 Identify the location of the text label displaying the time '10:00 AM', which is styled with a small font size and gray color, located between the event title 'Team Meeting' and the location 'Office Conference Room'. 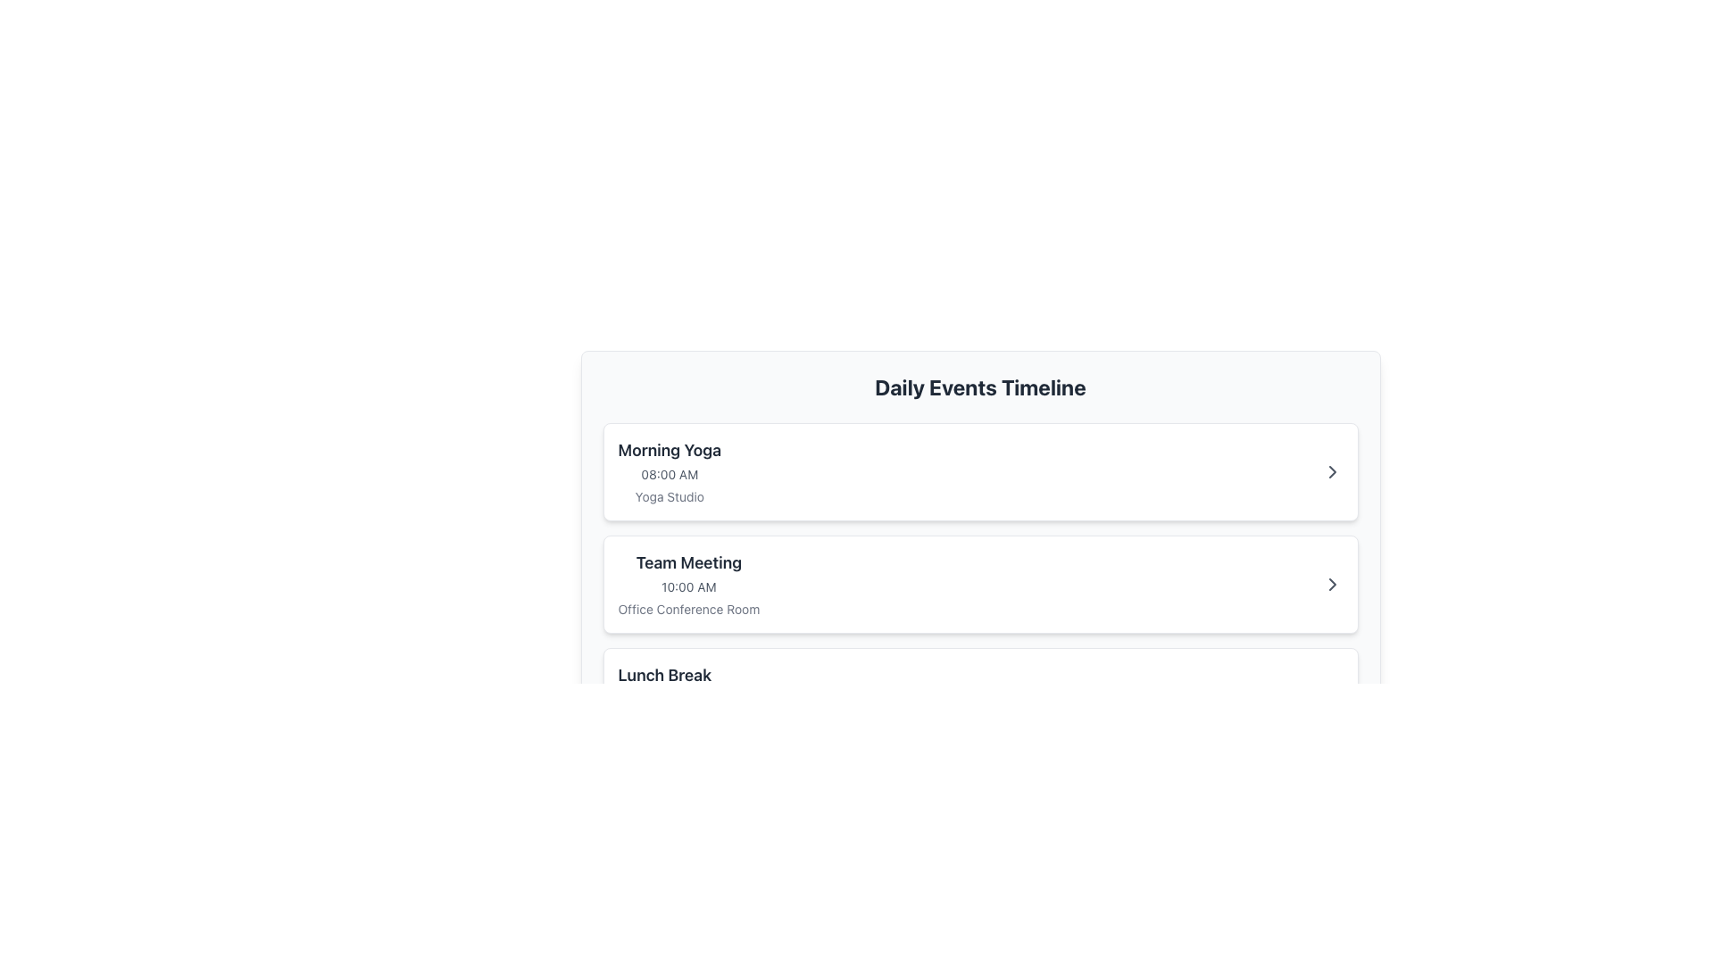
(687, 586).